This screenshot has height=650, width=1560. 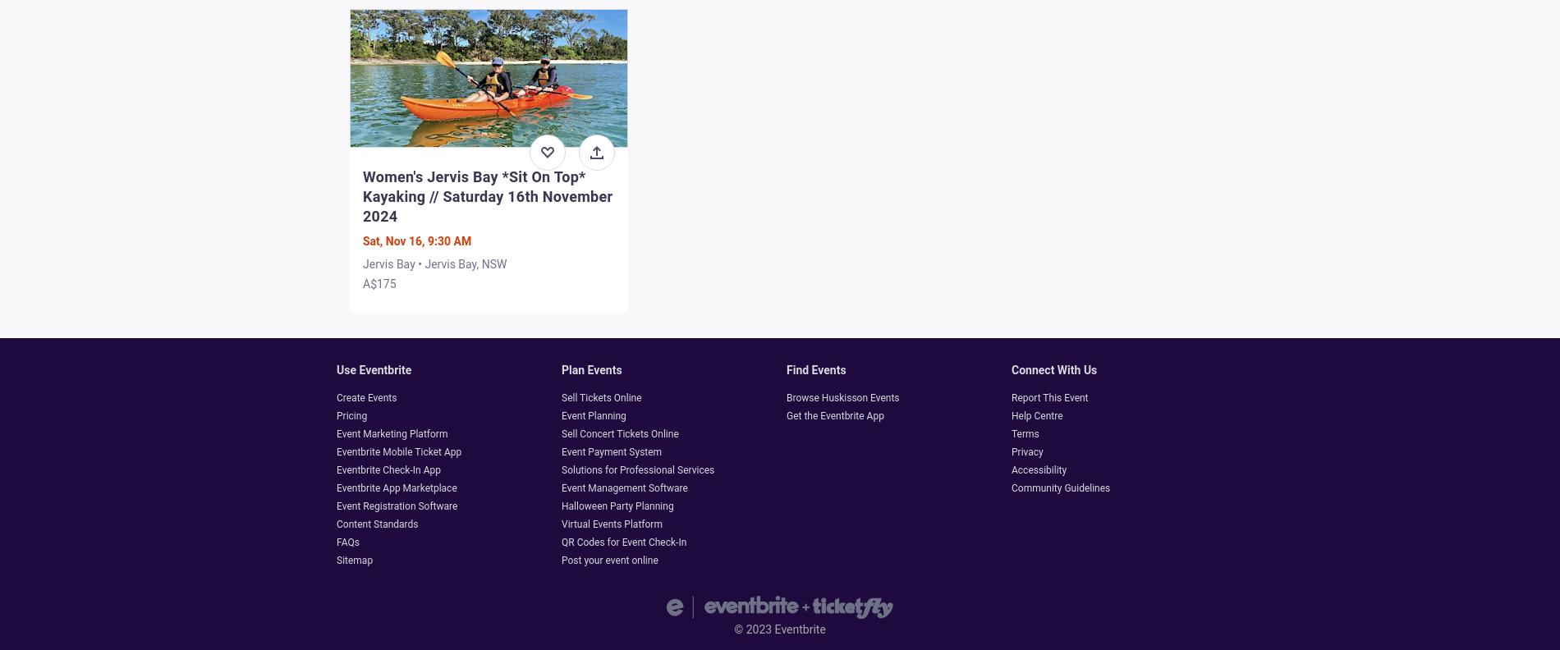 What do you see at coordinates (1010, 433) in the screenshot?
I see `'Terms'` at bounding box center [1010, 433].